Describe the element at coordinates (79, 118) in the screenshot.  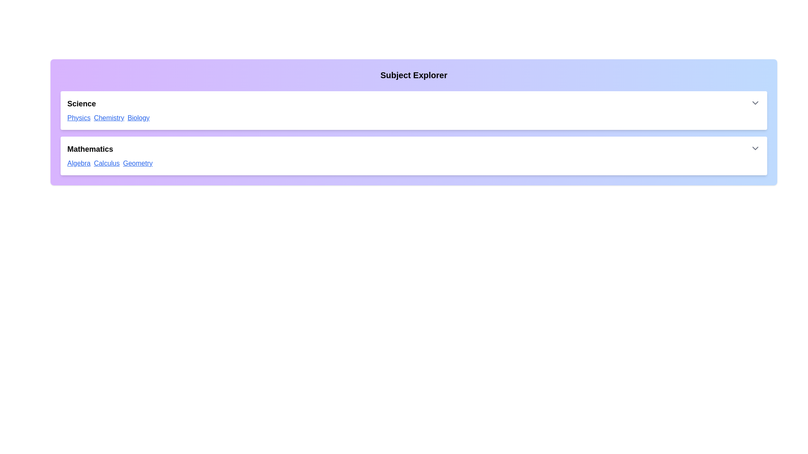
I see `the link with the text 'Physics' to navigate` at that location.